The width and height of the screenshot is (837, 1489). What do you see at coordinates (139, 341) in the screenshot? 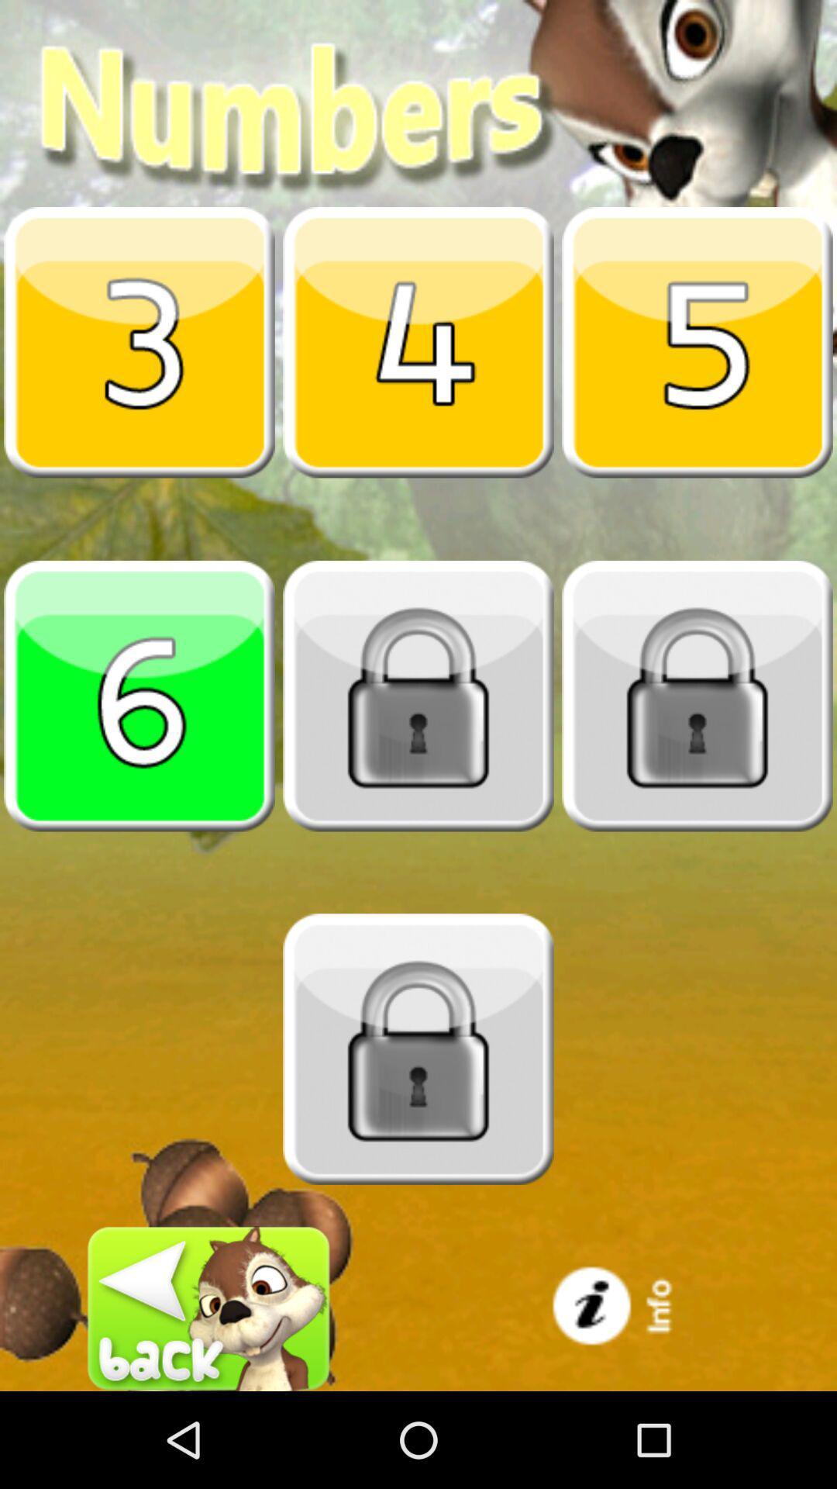
I see `number` at bounding box center [139, 341].